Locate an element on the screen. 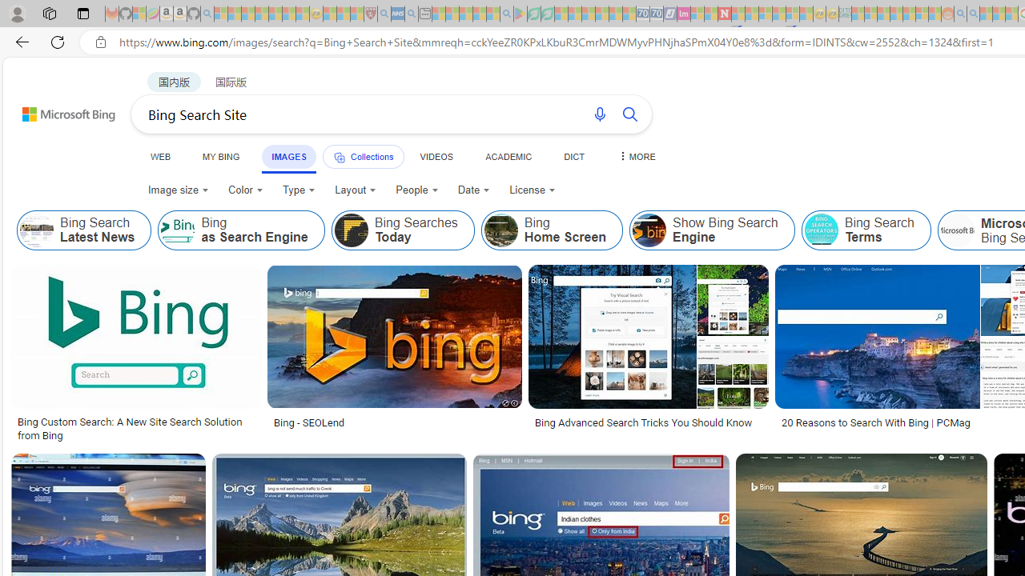  'Class: item col' is located at coordinates (865, 230).